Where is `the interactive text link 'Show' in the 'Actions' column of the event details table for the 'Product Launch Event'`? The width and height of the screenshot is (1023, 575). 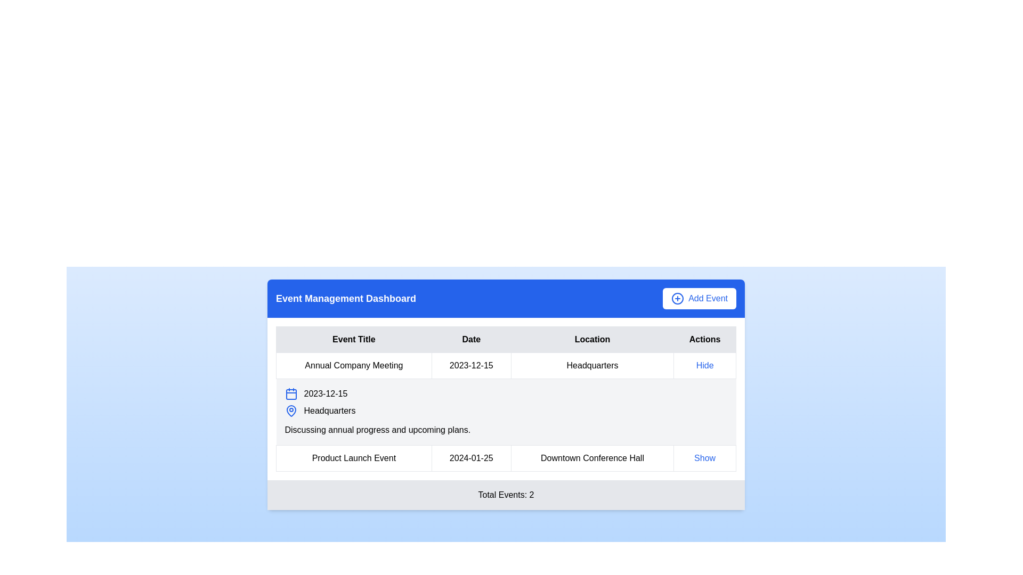 the interactive text link 'Show' in the 'Actions' column of the event details table for the 'Product Launch Event' is located at coordinates (705, 457).